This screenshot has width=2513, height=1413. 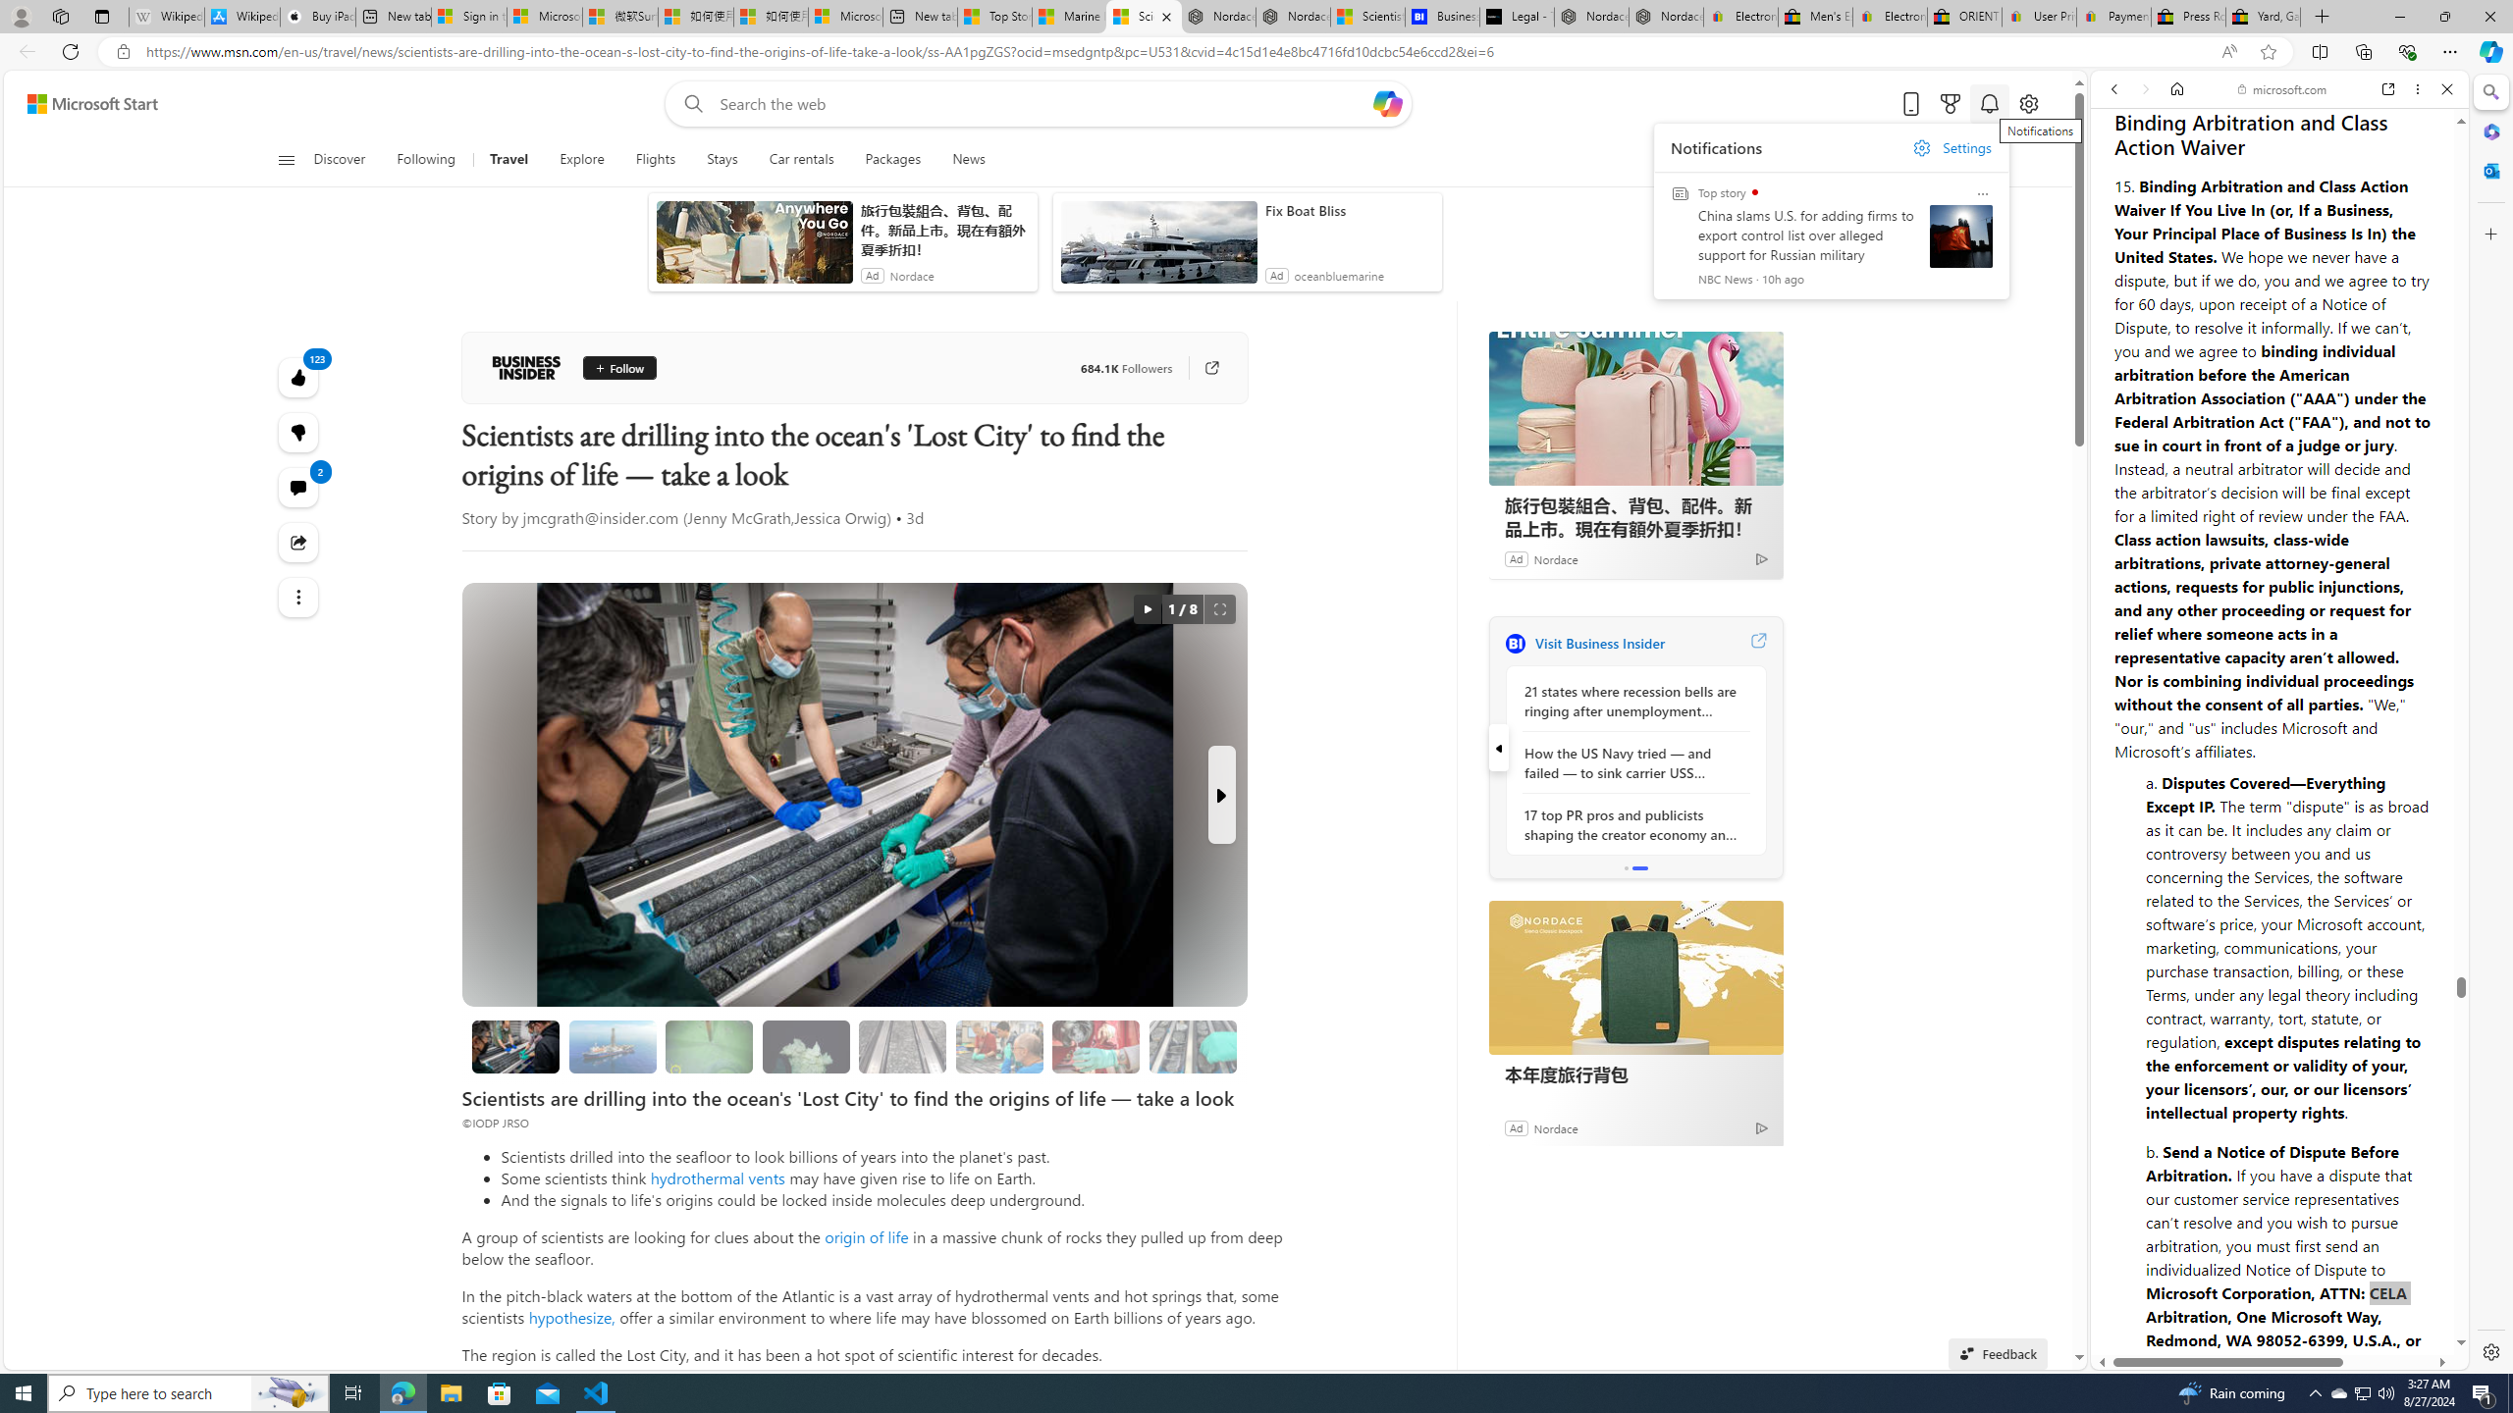 What do you see at coordinates (2490, 721) in the screenshot?
I see `'Side bar'` at bounding box center [2490, 721].